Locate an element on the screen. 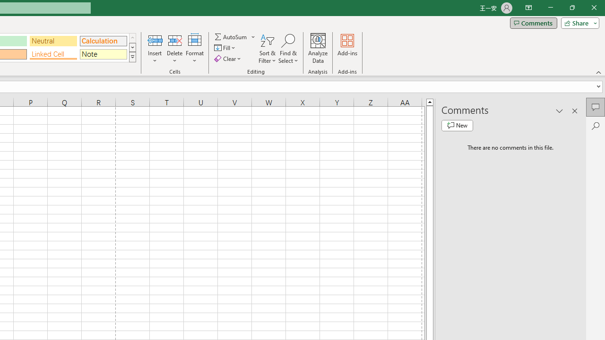 Image resolution: width=605 pixels, height=340 pixels. 'Delete Cells...' is located at coordinates (174, 40).